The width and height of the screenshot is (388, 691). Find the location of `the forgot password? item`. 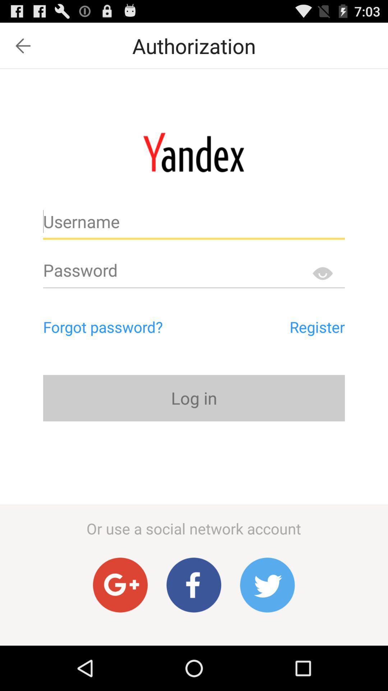

the forgot password? item is located at coordinates (133, 326).